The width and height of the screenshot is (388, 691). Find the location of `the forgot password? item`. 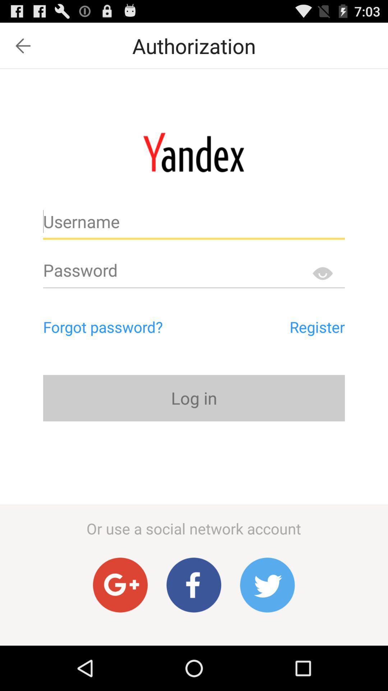

the forgot password? item is located at coordinates (133, 326).